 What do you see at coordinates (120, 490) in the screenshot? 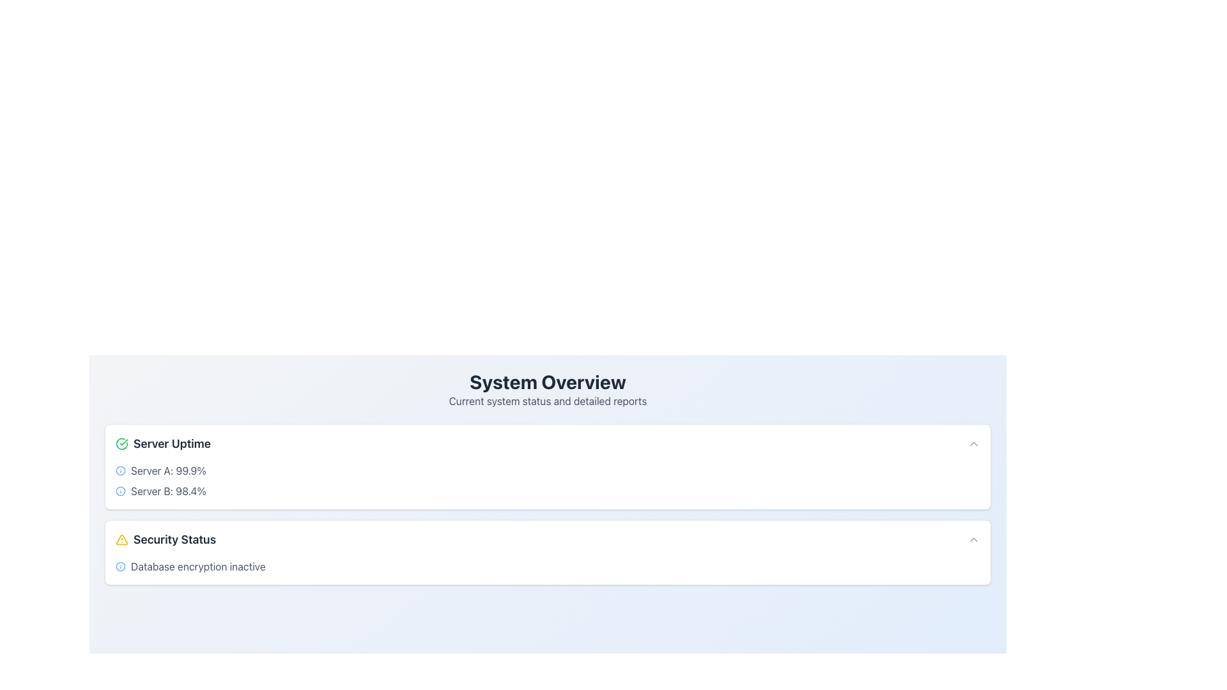
I see `the informational icon located to the immediate left of the 'Server B: 98.4%' text entry within the Server Uptime section` at bounding box center [120, 490].